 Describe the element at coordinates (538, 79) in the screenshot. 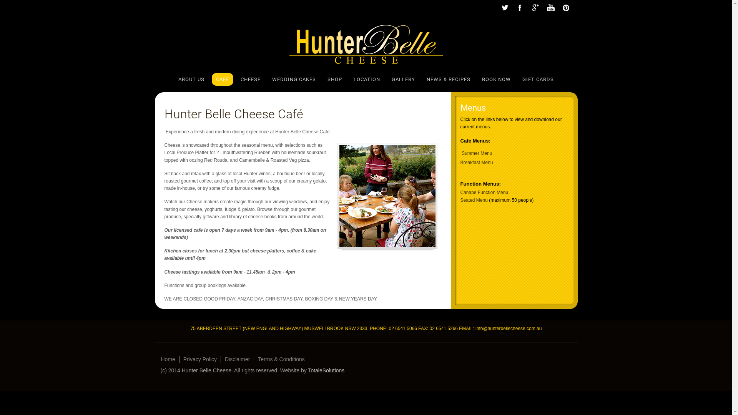

I see `'GIFT CARDS'` at that location.